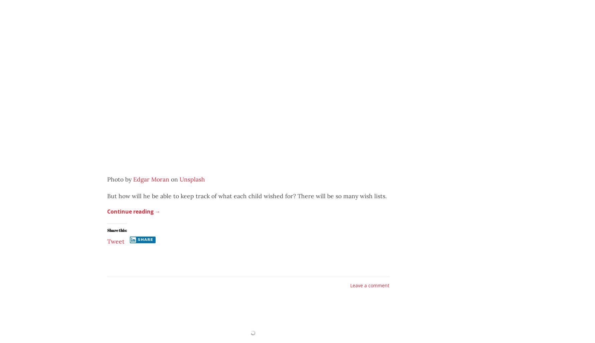  What do you see at coordinates (115, 241) in the screenshot?
I see `'Tweet'` at bounding box center [115, 241].